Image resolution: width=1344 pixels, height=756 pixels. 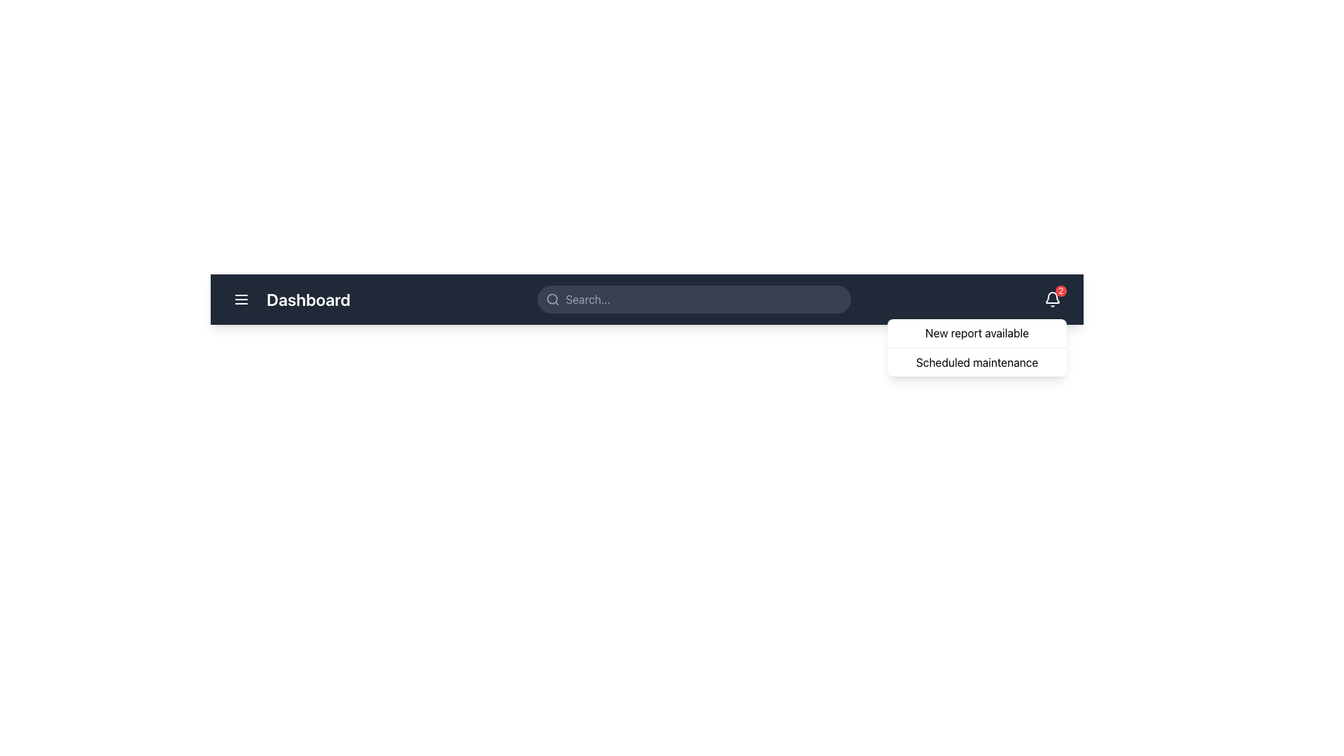 What do you see at coordinates (307, 299) in the screenshot?
I see `the 'Dashboard' text label, which is styled in bold white font on a dark blue background, located in the center-left portion of the navigation bar` at bounding box center [307, 299].